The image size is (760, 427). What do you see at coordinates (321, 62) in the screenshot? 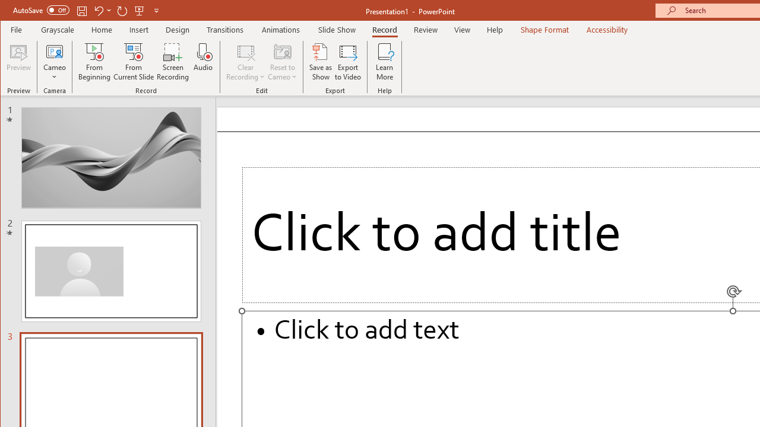
I see `'Save as Show'` at bounding box center [321, 62].